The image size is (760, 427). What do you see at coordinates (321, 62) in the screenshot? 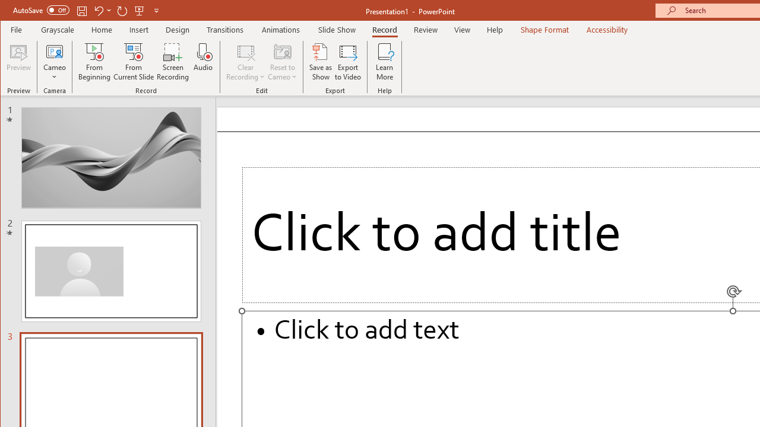
I see `'Save as Show'` at bounding box center [321, 62].